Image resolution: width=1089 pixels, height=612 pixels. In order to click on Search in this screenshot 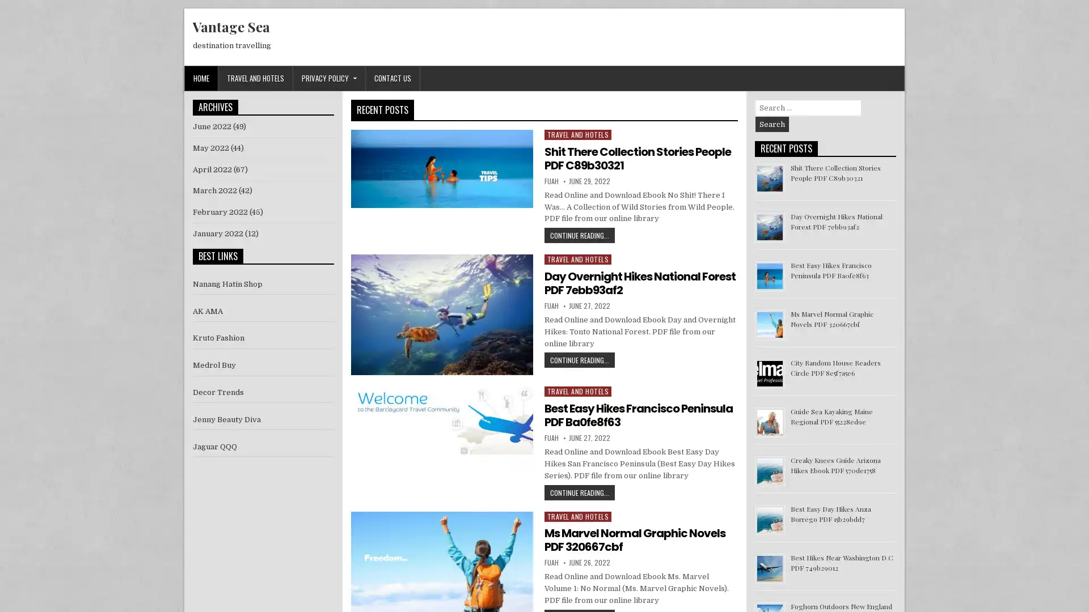, I will do `click(771, 124)`.